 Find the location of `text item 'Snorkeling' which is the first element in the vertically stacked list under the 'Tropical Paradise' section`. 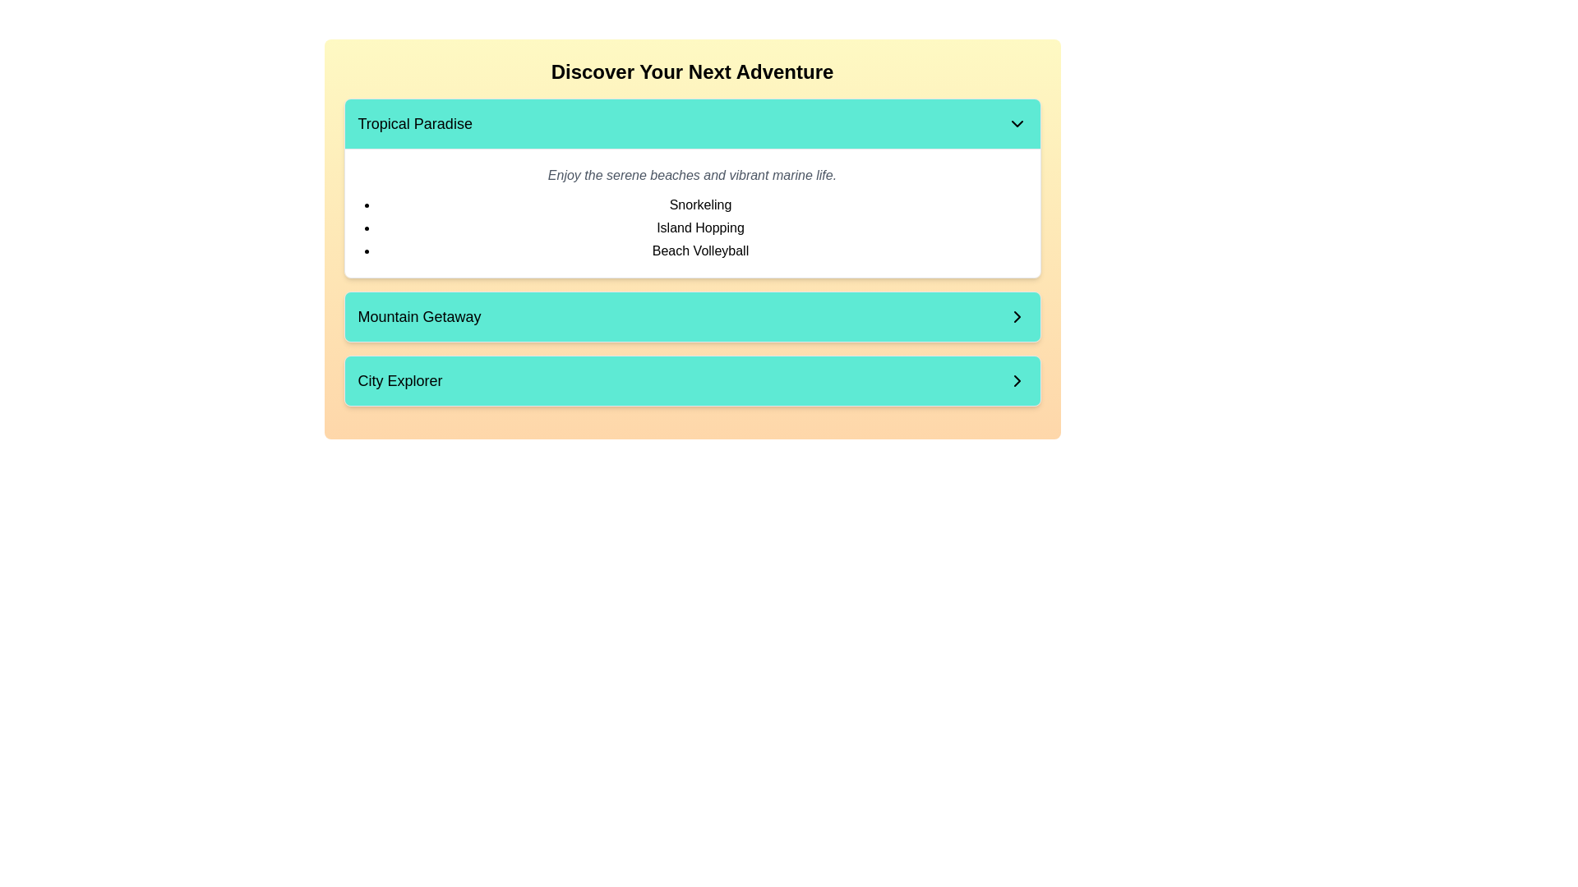

text item 'Snorkeling' which is the first element in the vertically stacked list under the 'Tropical Paradise' section is located at coordinates (700, 205).